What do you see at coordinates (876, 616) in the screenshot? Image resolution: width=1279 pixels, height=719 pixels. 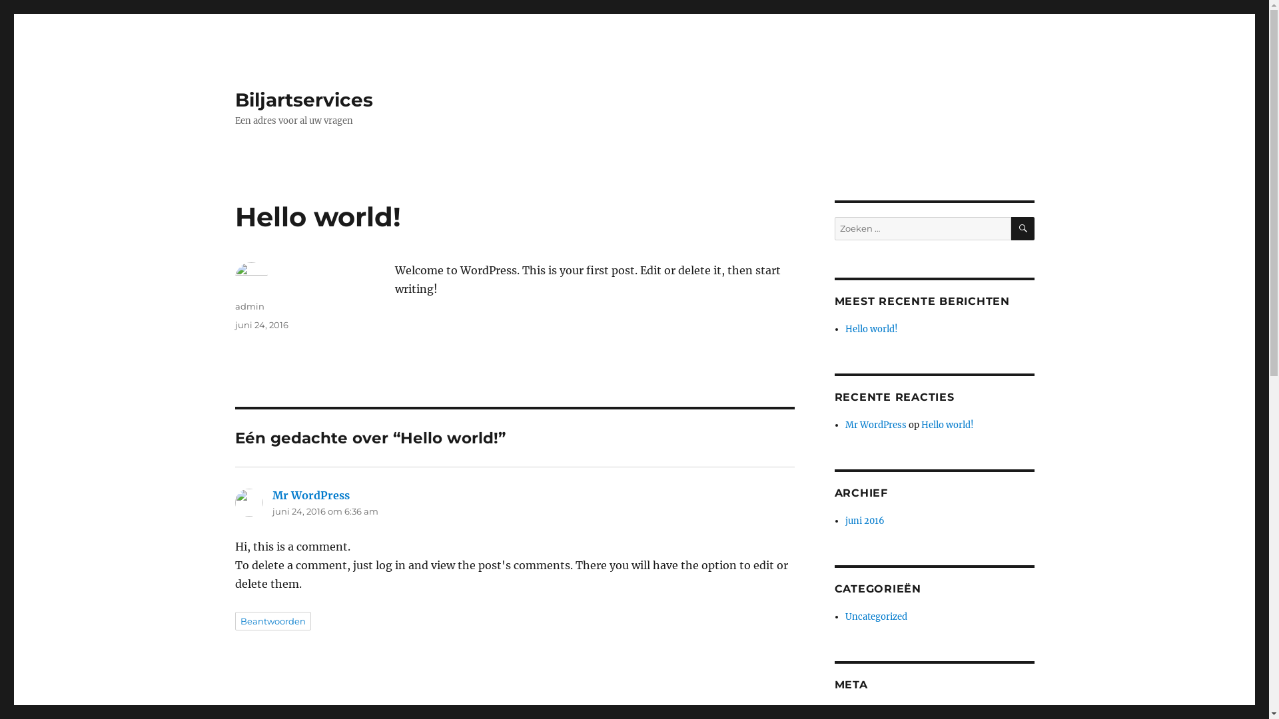 I see `'Uncategorized'` at bounding box center [876, 616].